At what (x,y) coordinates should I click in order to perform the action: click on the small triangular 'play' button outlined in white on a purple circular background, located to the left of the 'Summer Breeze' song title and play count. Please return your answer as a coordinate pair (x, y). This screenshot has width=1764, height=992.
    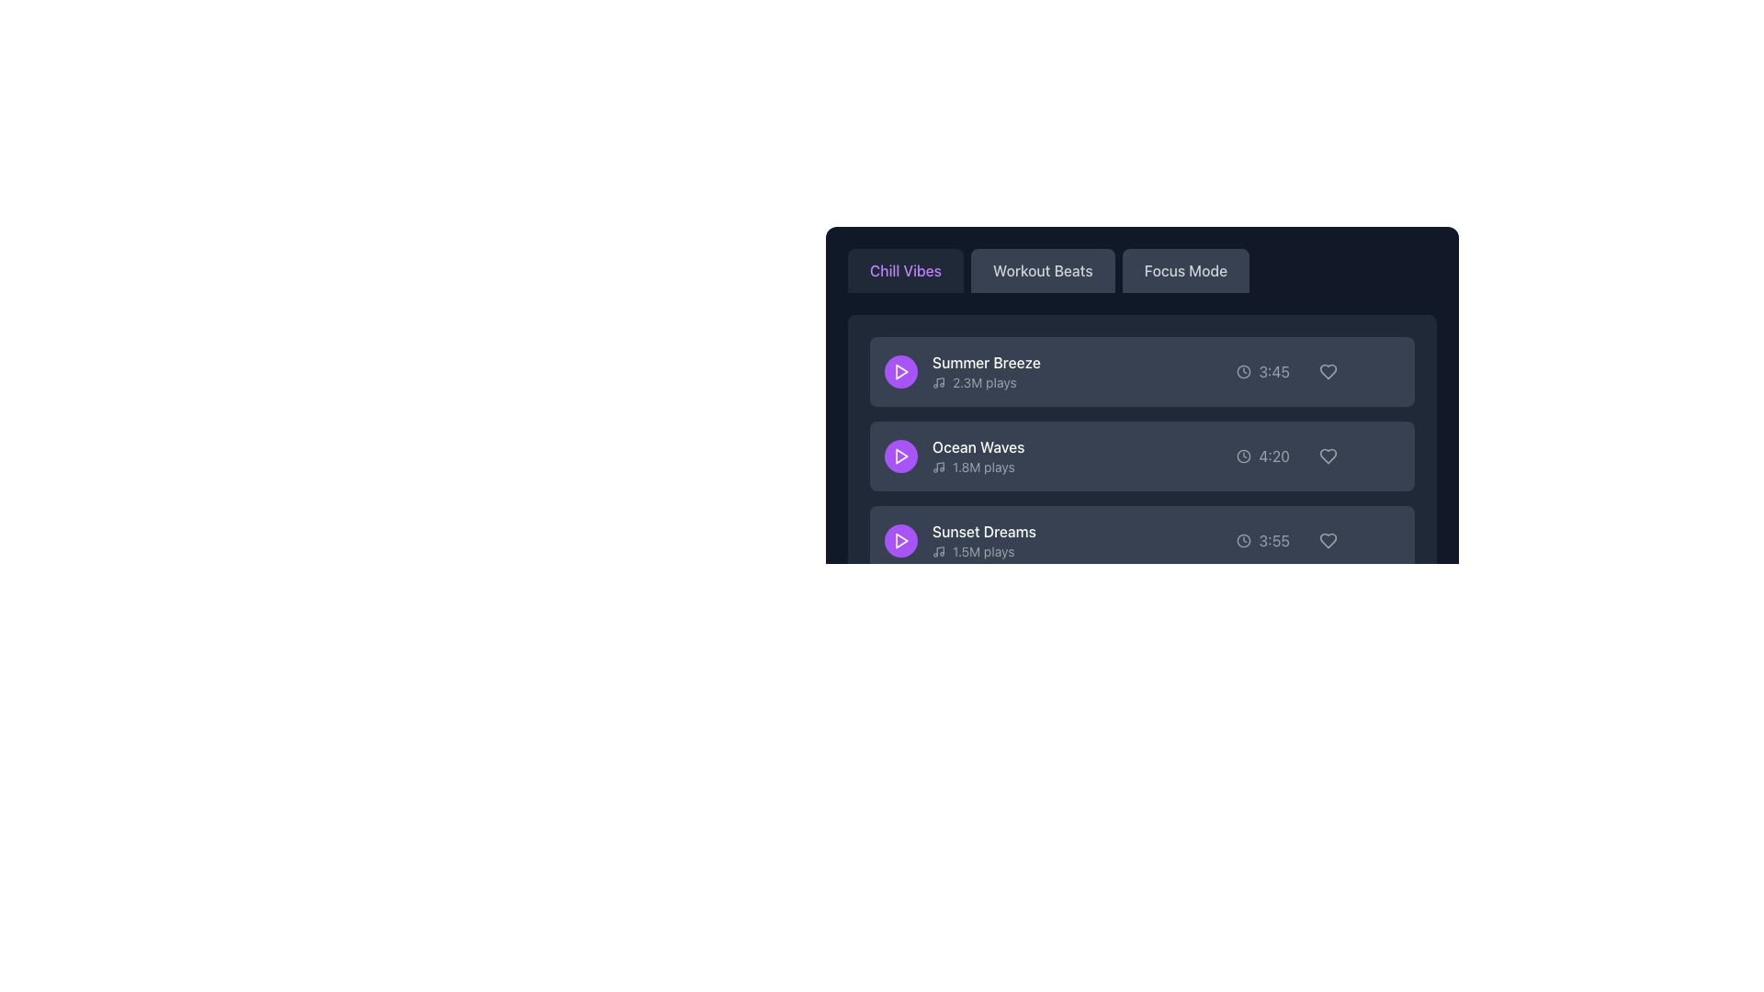
    Looking at the image, I should click on (900, 372).